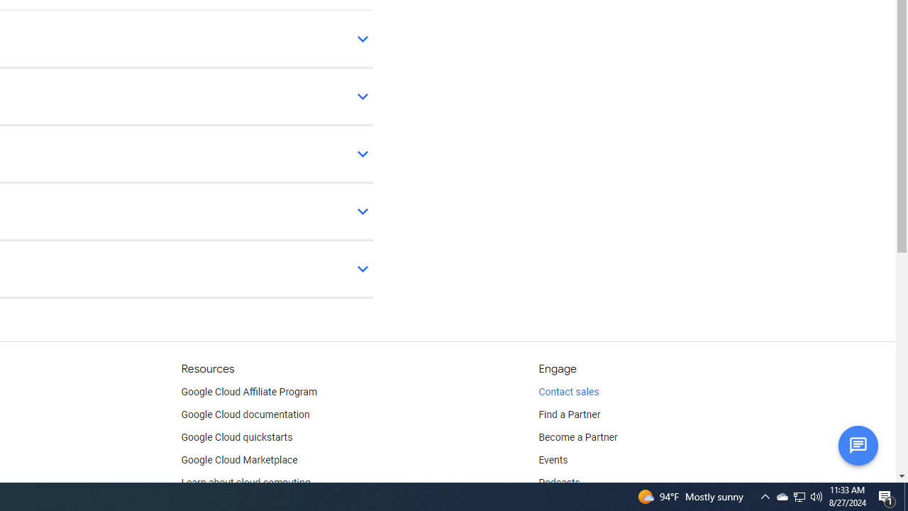  What do you see at coordinates (245, 415) in the screenshot?
I see `'Google Cloud documentation'` at bounding box center [245, 415].